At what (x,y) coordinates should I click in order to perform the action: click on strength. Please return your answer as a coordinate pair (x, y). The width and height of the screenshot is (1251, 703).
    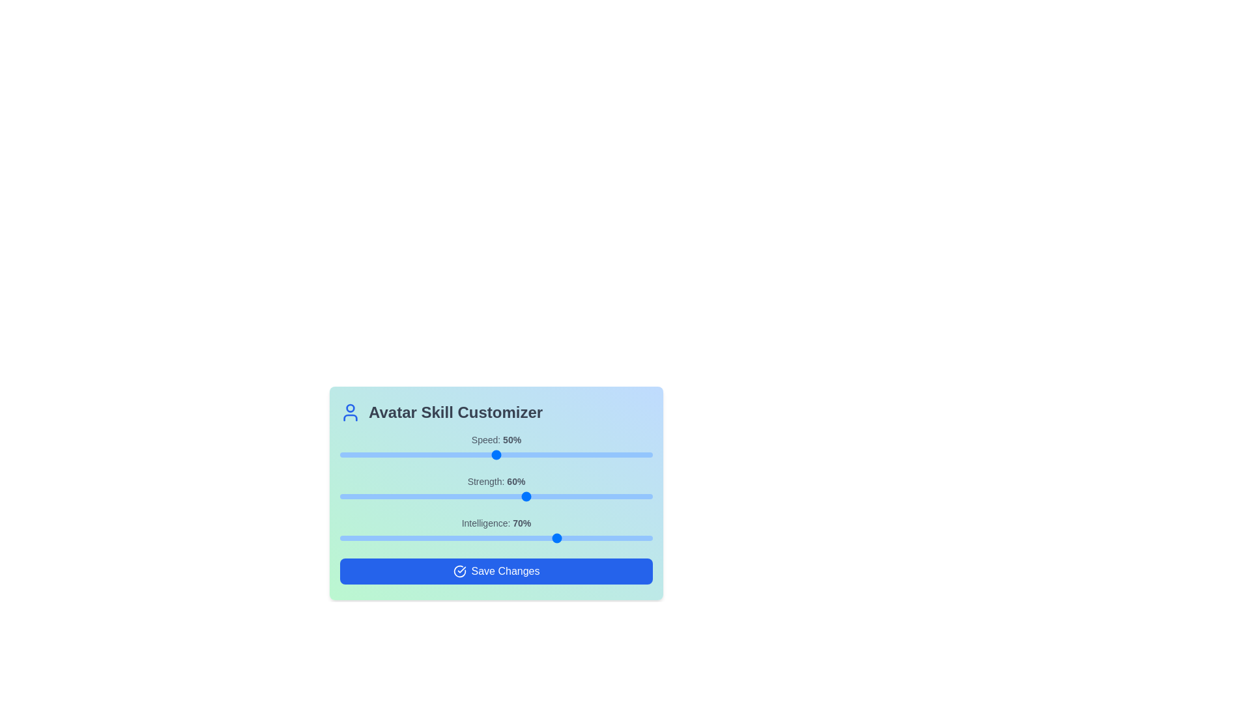
    Looking at the image, I should click on (525, 497).